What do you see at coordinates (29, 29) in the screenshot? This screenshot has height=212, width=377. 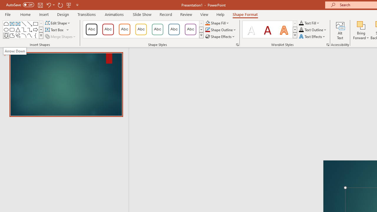 I see `'Connector: Elbow Arrow'` at bounding box center [29, 29].